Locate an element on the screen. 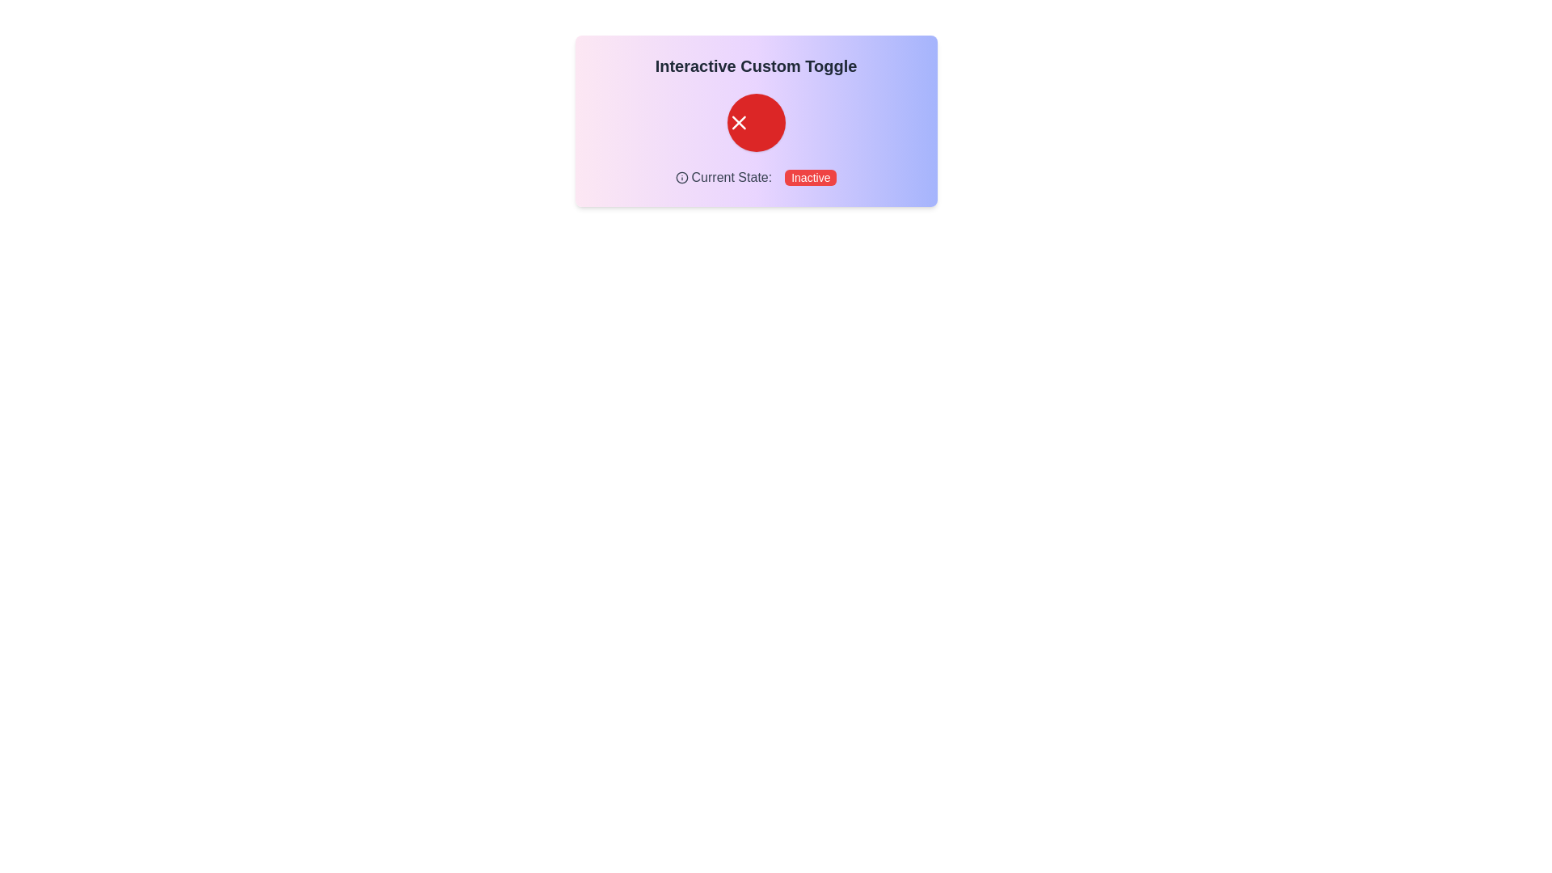  the toggle button labeled 'Interactive Custom Toggle' is located at coordinates (755, 121).